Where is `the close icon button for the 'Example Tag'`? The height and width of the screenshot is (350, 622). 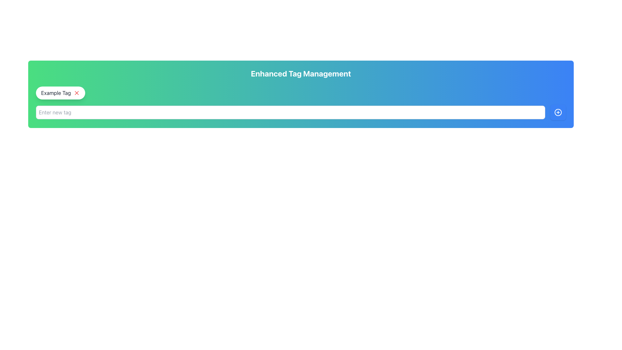
the close icon button for the 'Example Tag' is located at coordinates (76, 93).